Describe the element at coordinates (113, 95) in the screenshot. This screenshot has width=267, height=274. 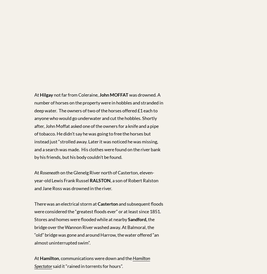
I see `'John MOFFAT'` at that location.